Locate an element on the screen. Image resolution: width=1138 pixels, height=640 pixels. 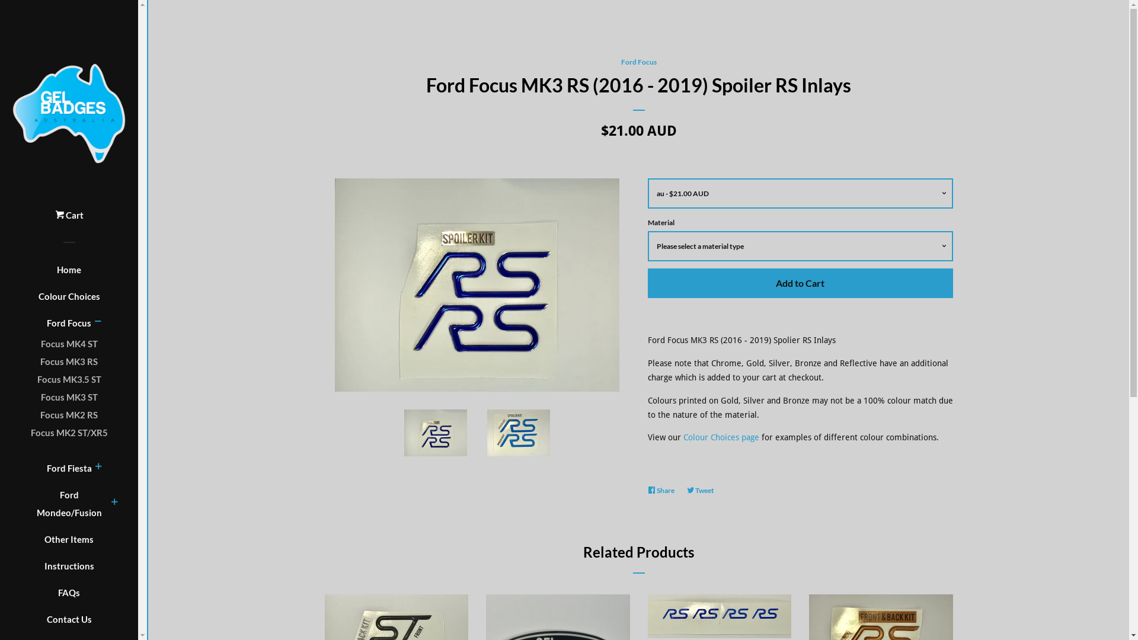
'expand' is located at coordinates (97, 467).